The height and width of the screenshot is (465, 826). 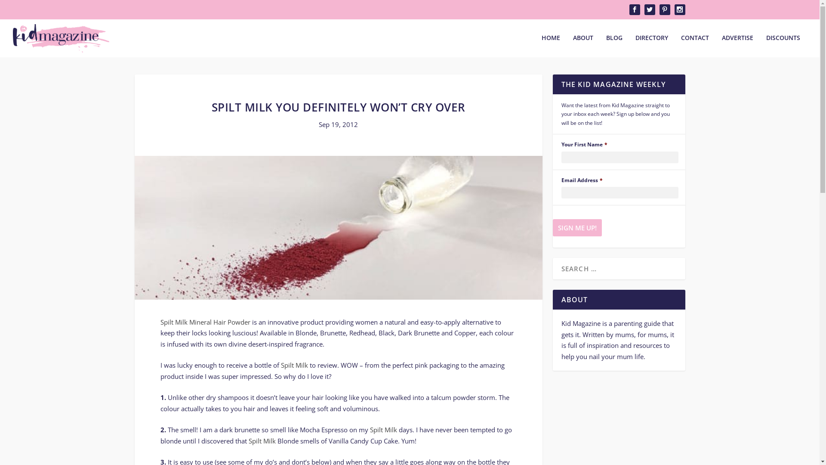 I want to click on 'Spilt Milk', so click(x=294, y=365).